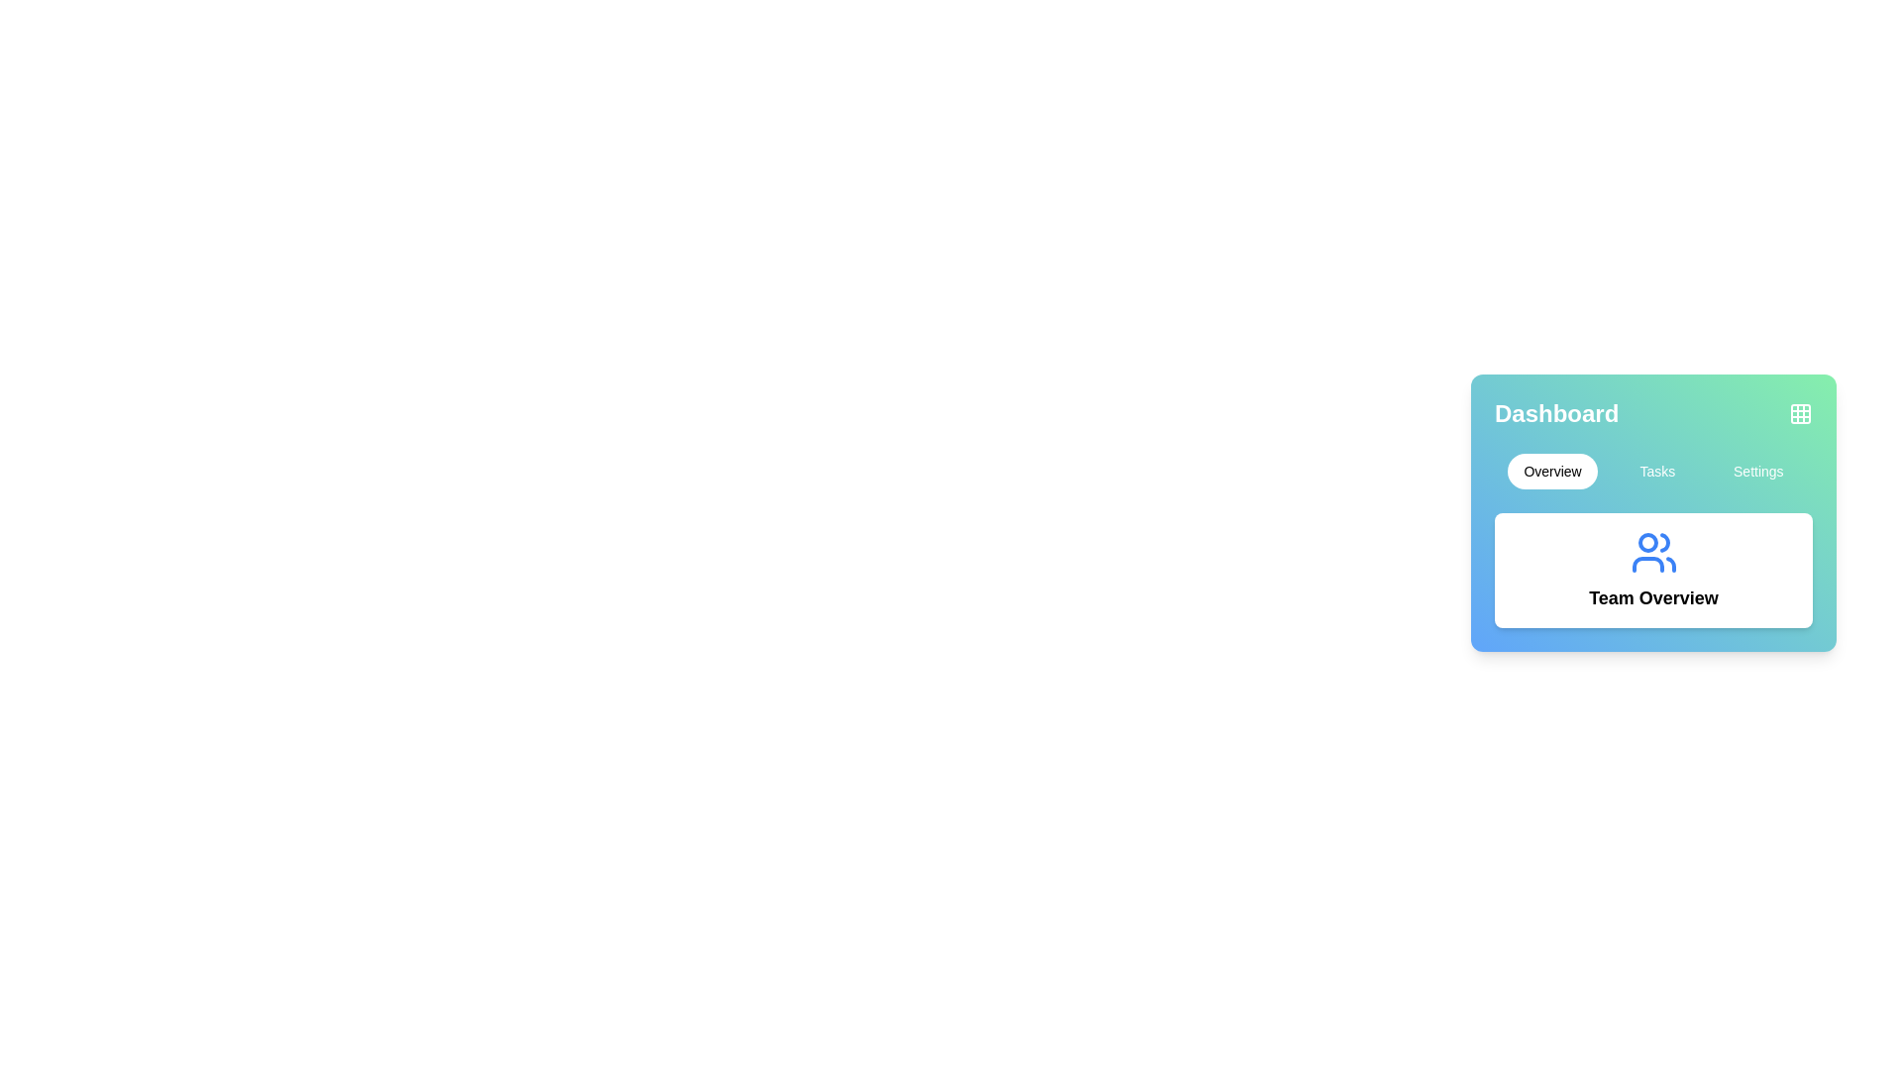 The width and height of the screenshot is (1902, 1070). I want to click on the icon depicting a group of people located at the top-center of the 'Team Overview' card in the dashboard interface, so click(1653, 553).